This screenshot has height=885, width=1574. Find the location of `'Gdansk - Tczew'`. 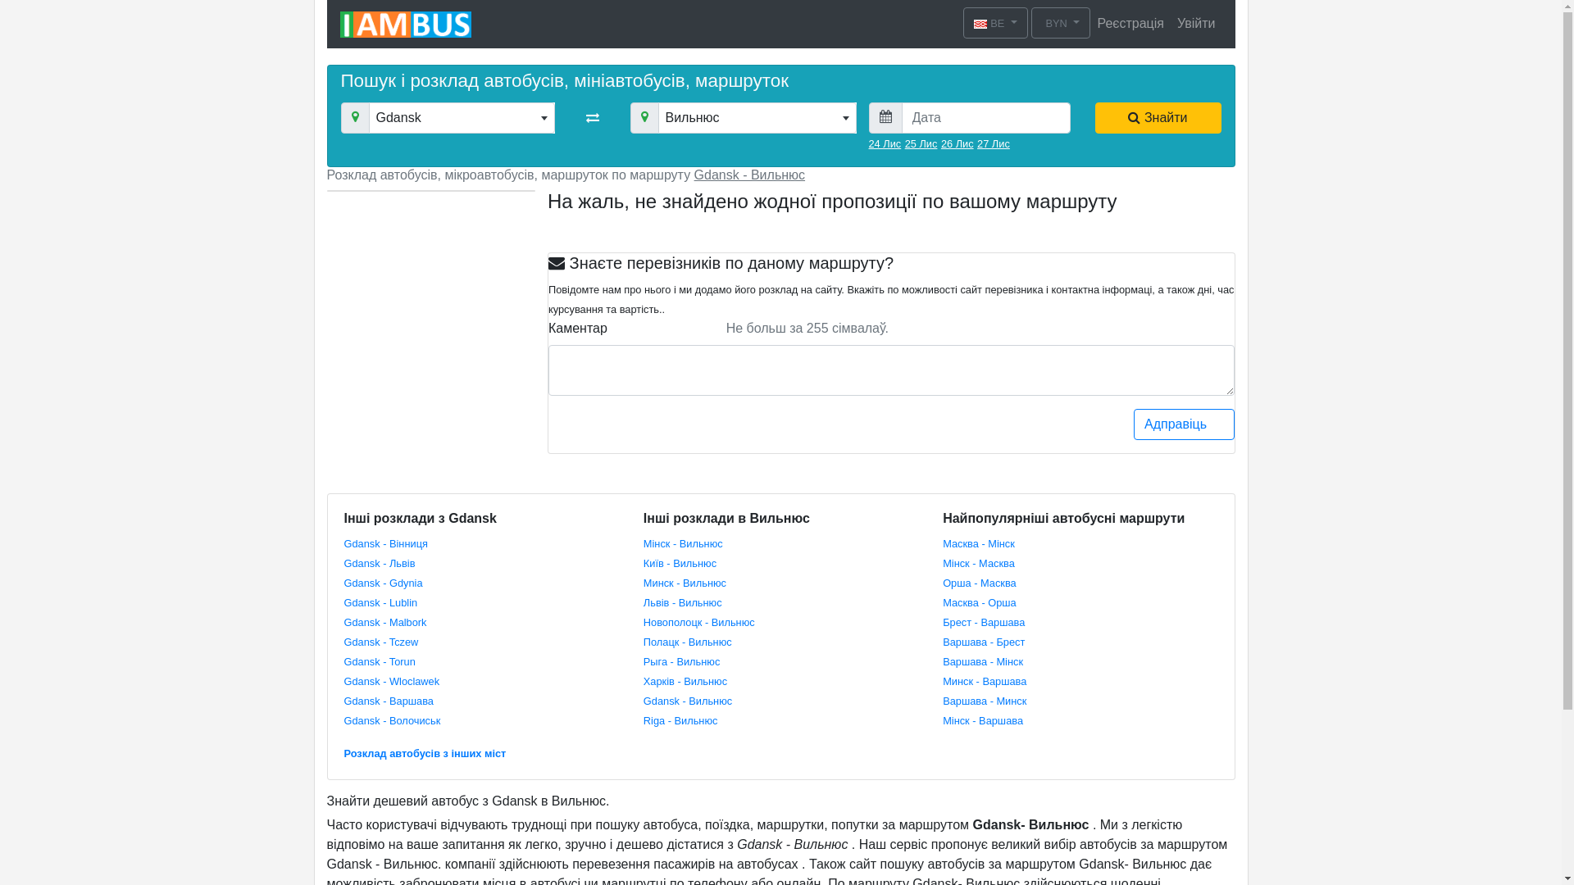

'Gdansk - Tczew' is located at coordinates (380, 640).